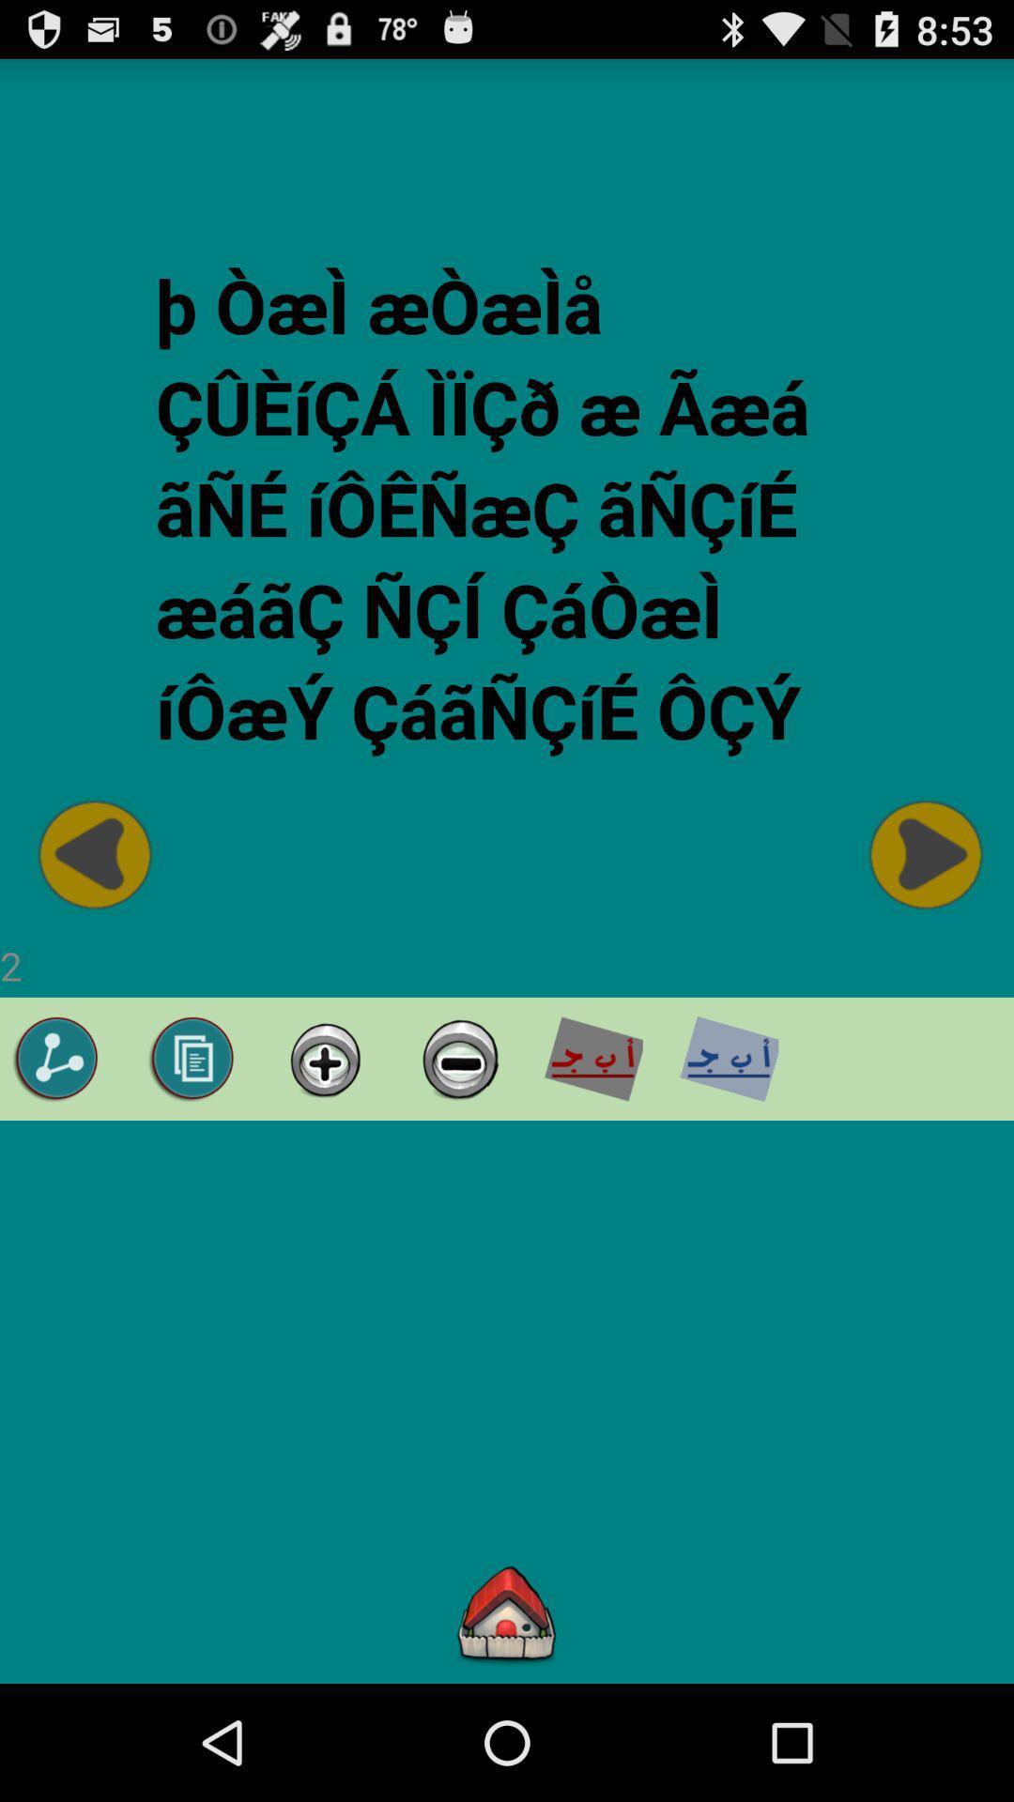  What do you see at coordinates (921, 912) in the screenshot?
I see `the play icon` at bounding box center [921, 912].